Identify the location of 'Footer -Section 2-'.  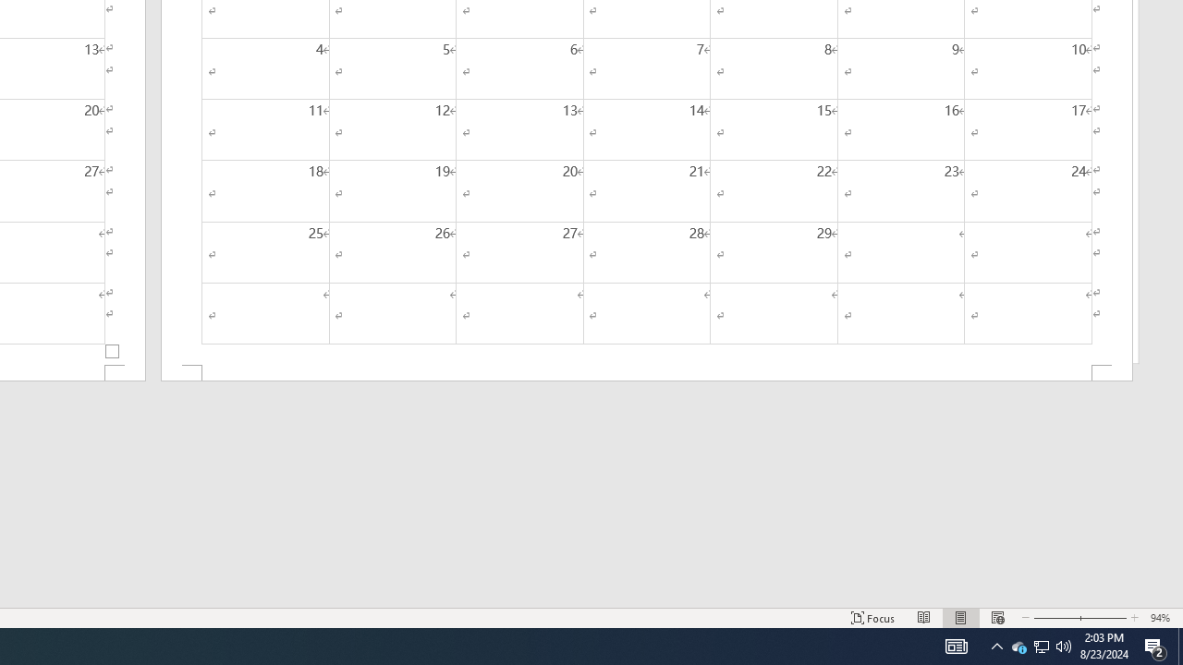
(647, 373).